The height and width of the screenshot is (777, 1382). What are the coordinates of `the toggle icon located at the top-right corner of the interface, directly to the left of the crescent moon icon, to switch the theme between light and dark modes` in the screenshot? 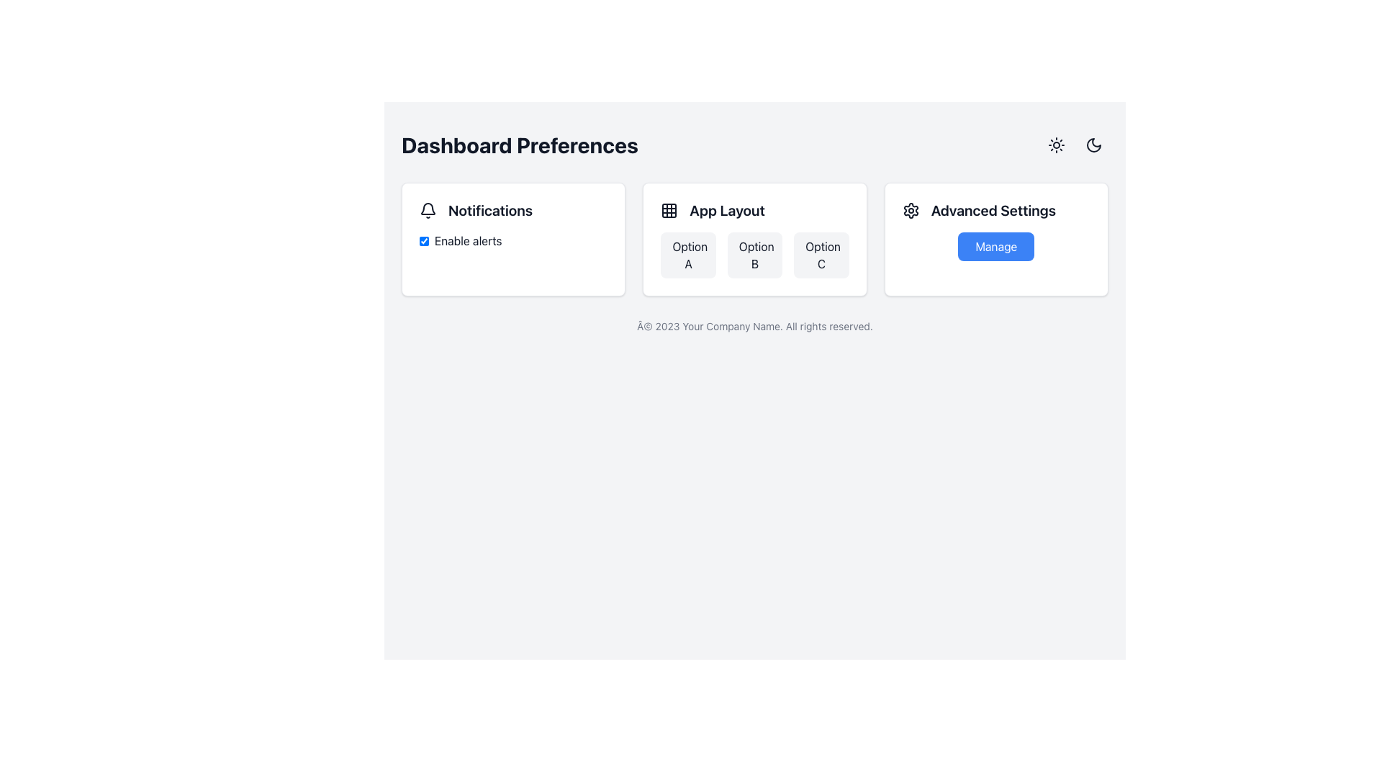 It's located at (1057, 145).